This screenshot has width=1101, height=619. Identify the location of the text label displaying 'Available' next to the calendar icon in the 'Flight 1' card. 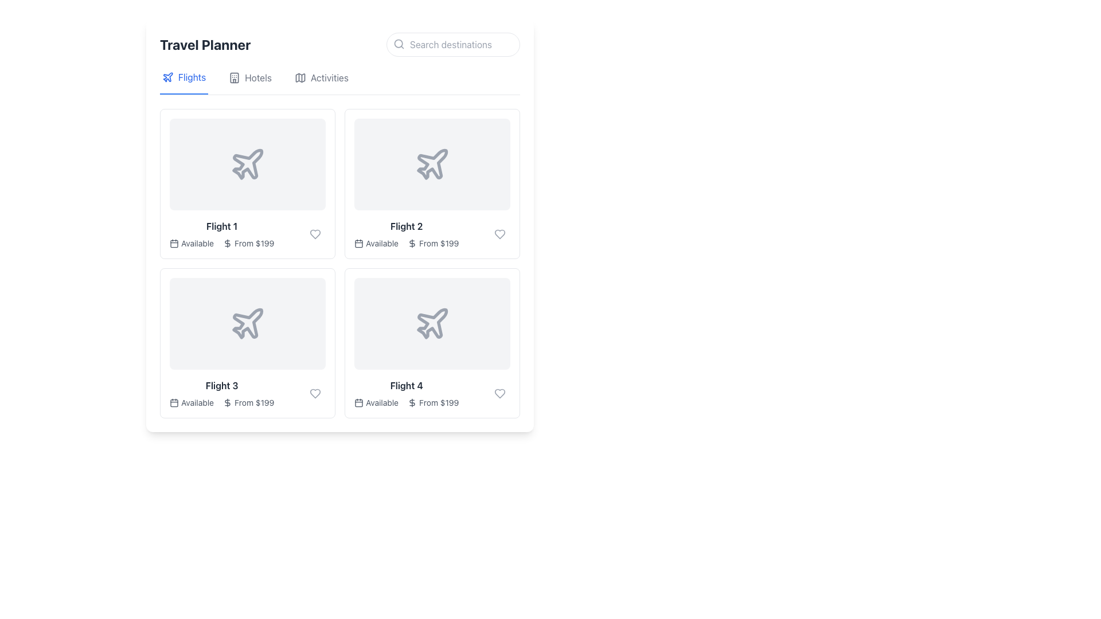
(197, 242).